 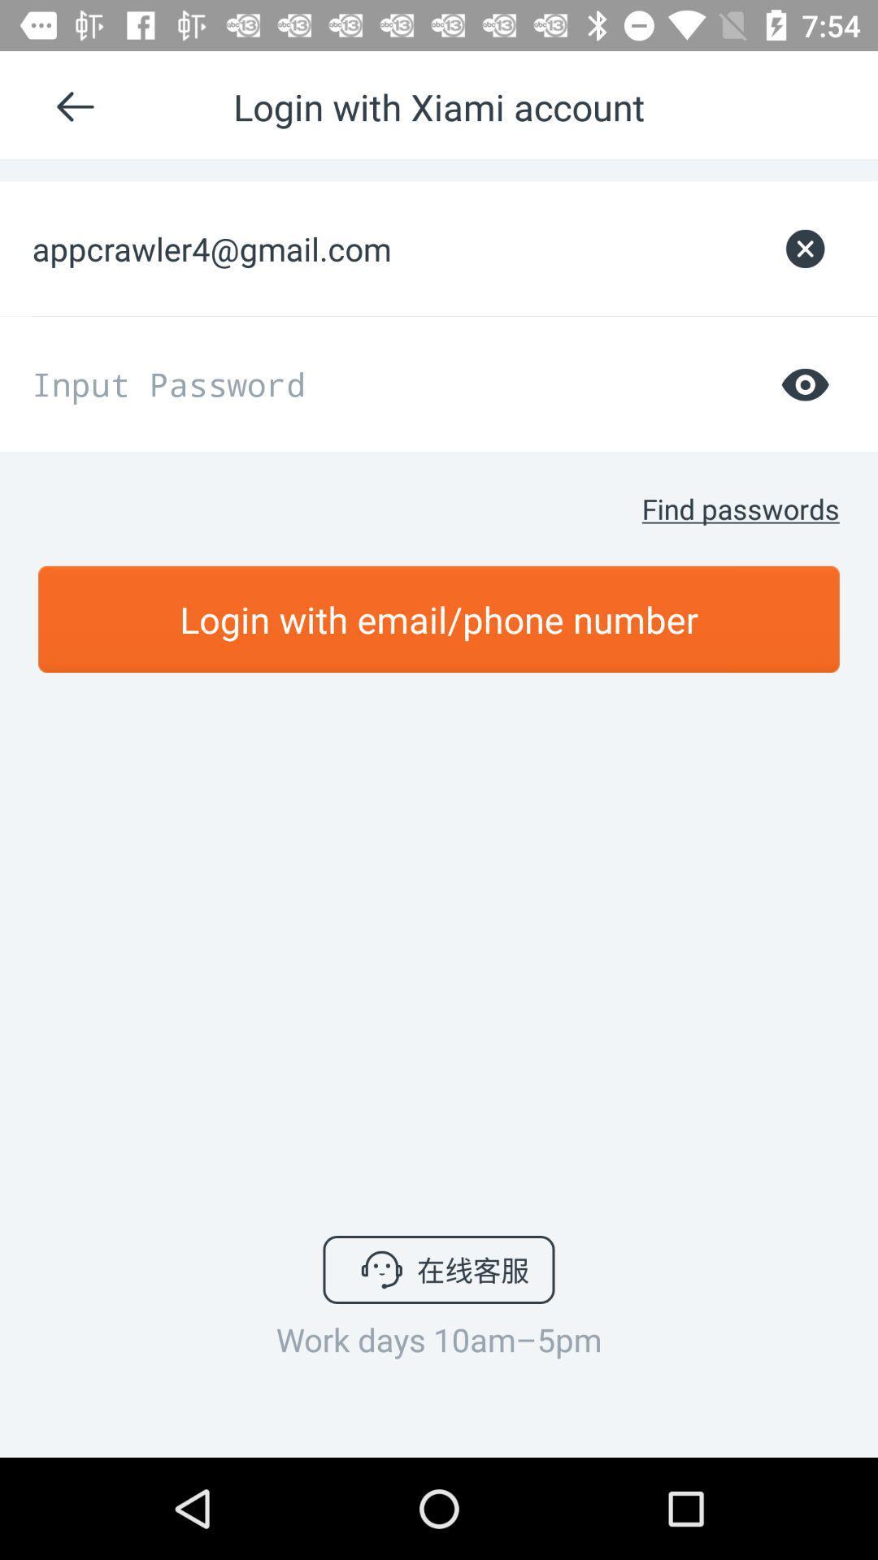 I want to click on the icon to the right of the appcrawler4@gmail.com icon, so click(x=805, y=248).